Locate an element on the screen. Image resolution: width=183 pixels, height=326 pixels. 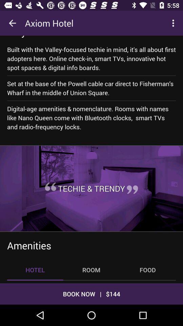
icon below digital age amenities icon is located at coordinates (91, 188).